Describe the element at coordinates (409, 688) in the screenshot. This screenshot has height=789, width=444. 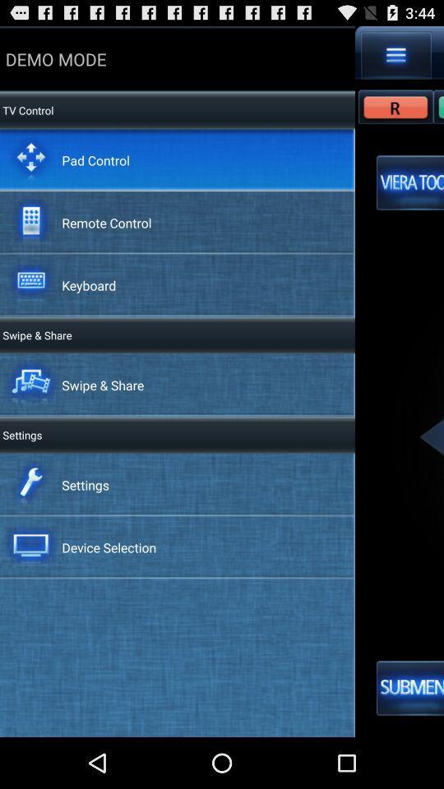
I see `item at the bottom right corner` at that location.